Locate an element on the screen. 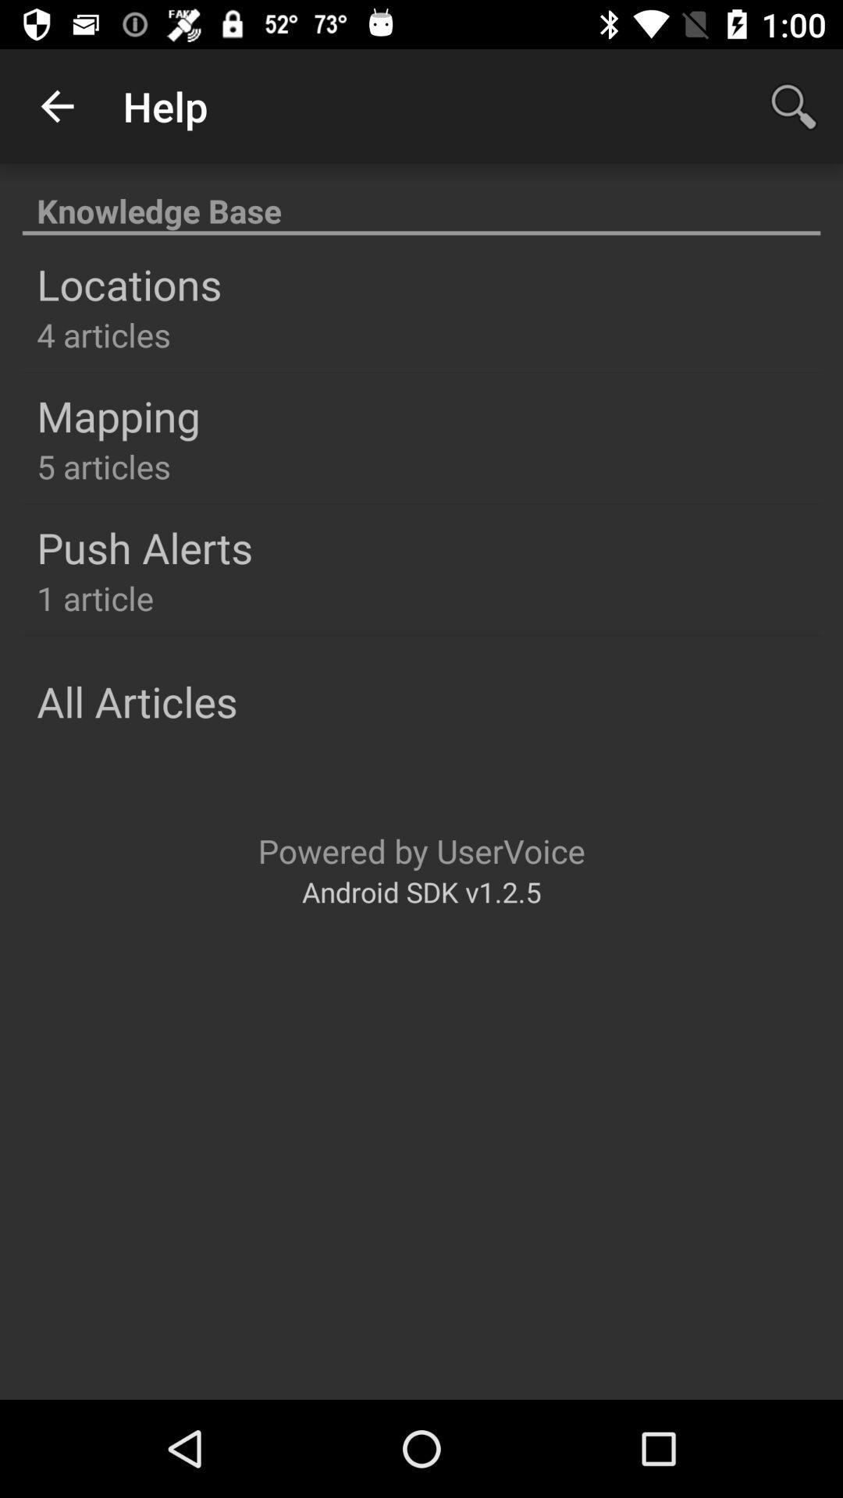  the 1 article item is located at coordinates (95, 597).